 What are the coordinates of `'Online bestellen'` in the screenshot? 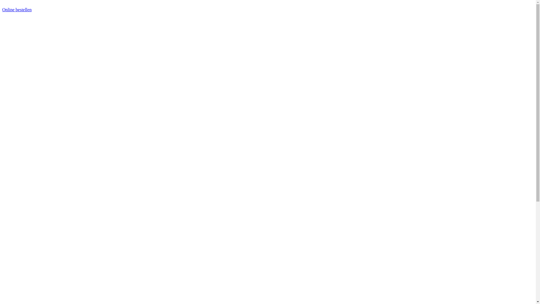 It's located at (17, 10).